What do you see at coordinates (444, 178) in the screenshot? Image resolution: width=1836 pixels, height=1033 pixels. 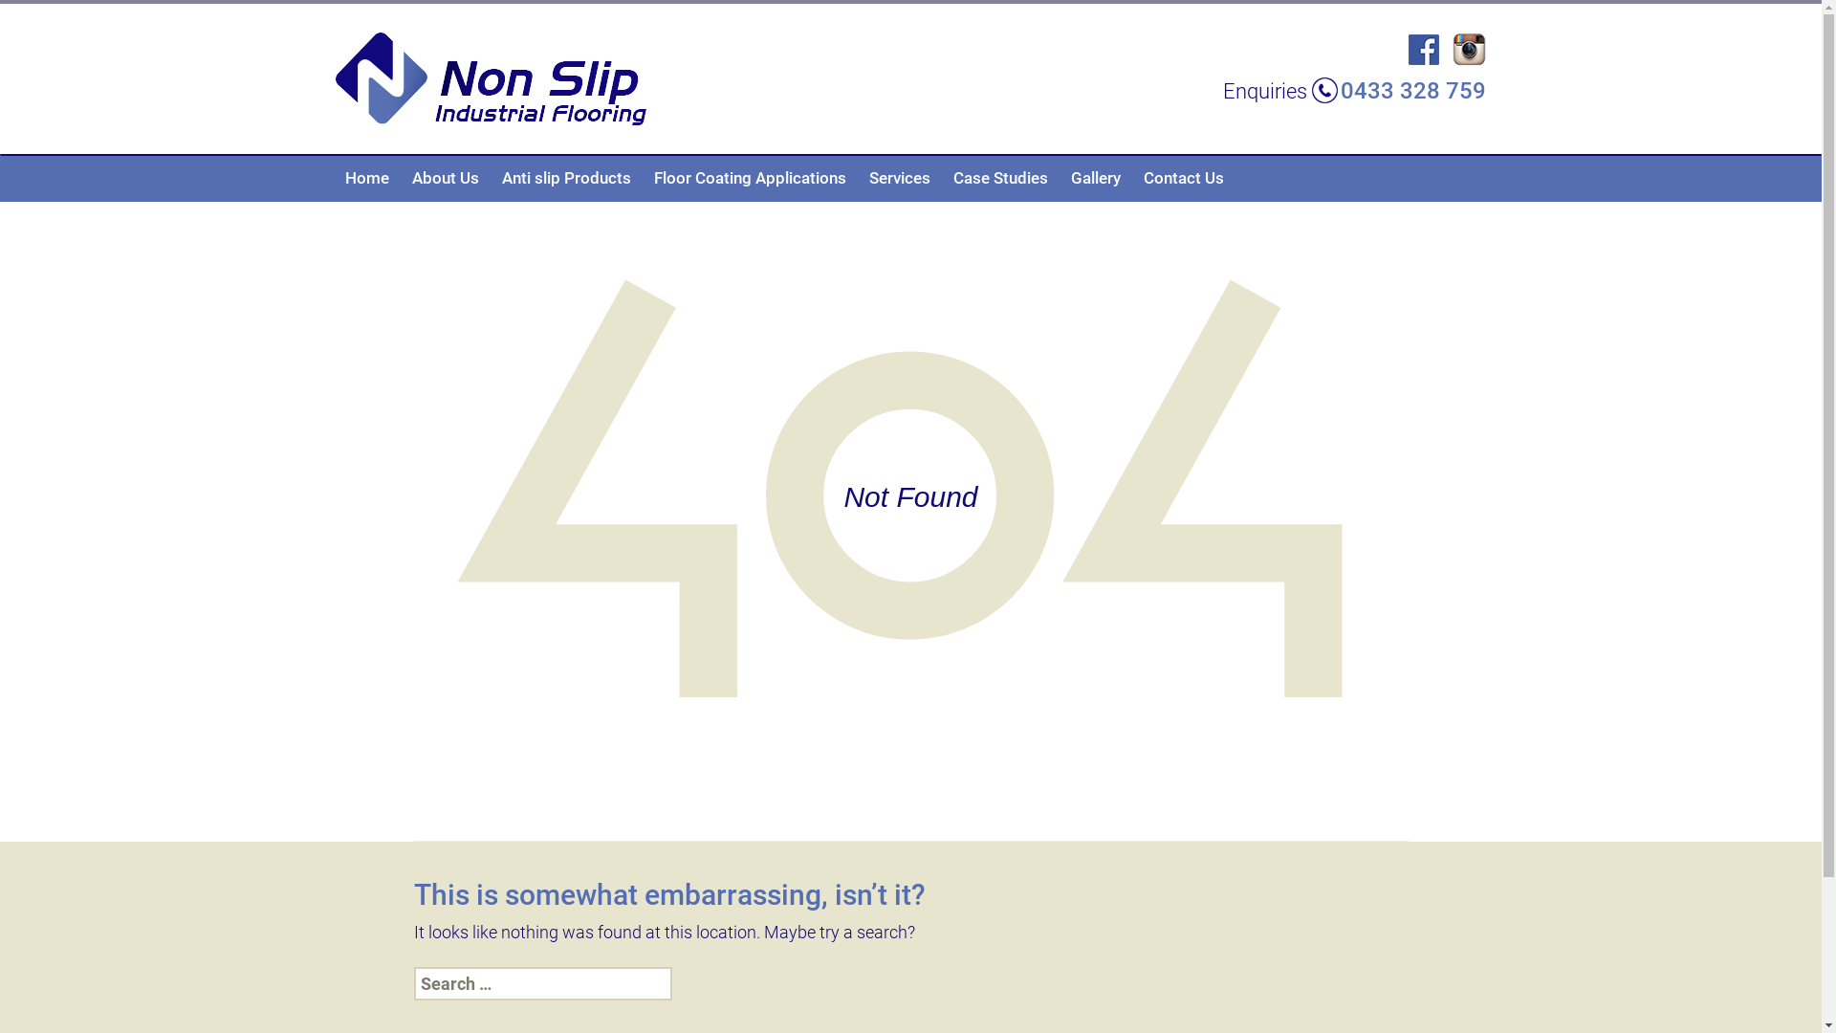 I see `'About Us'` at bounding box center [444, 178].